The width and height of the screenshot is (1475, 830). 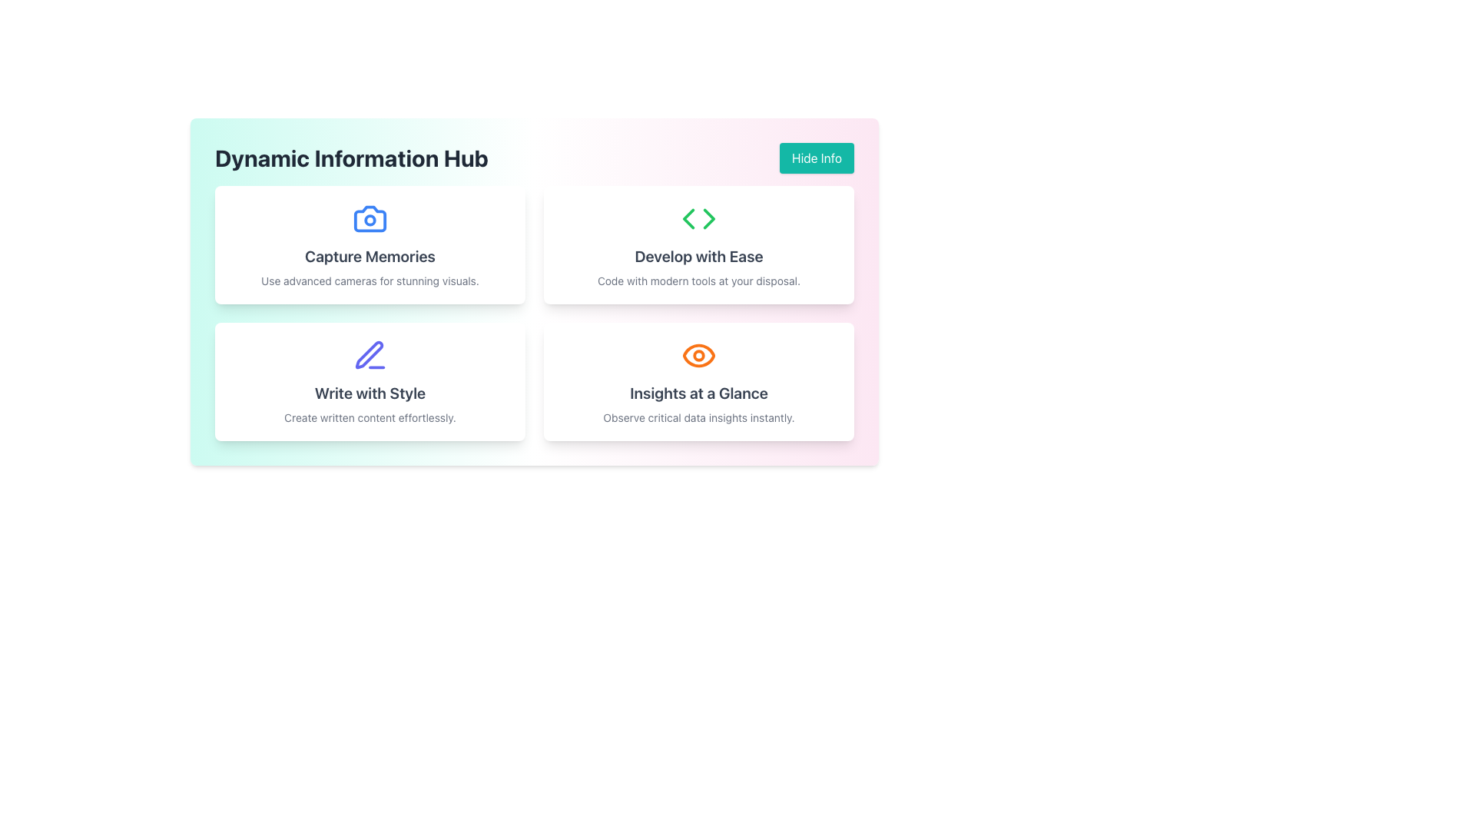 What do you see at coordinates (370, 244) in the screenshot?
I see `the informational card about capturing memories with advanced cameras` at bounding box center [370, 244].